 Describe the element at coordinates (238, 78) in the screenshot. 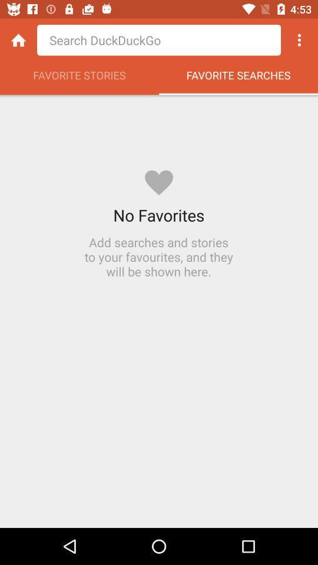

I see `icon next to favorite stories app` at that location.